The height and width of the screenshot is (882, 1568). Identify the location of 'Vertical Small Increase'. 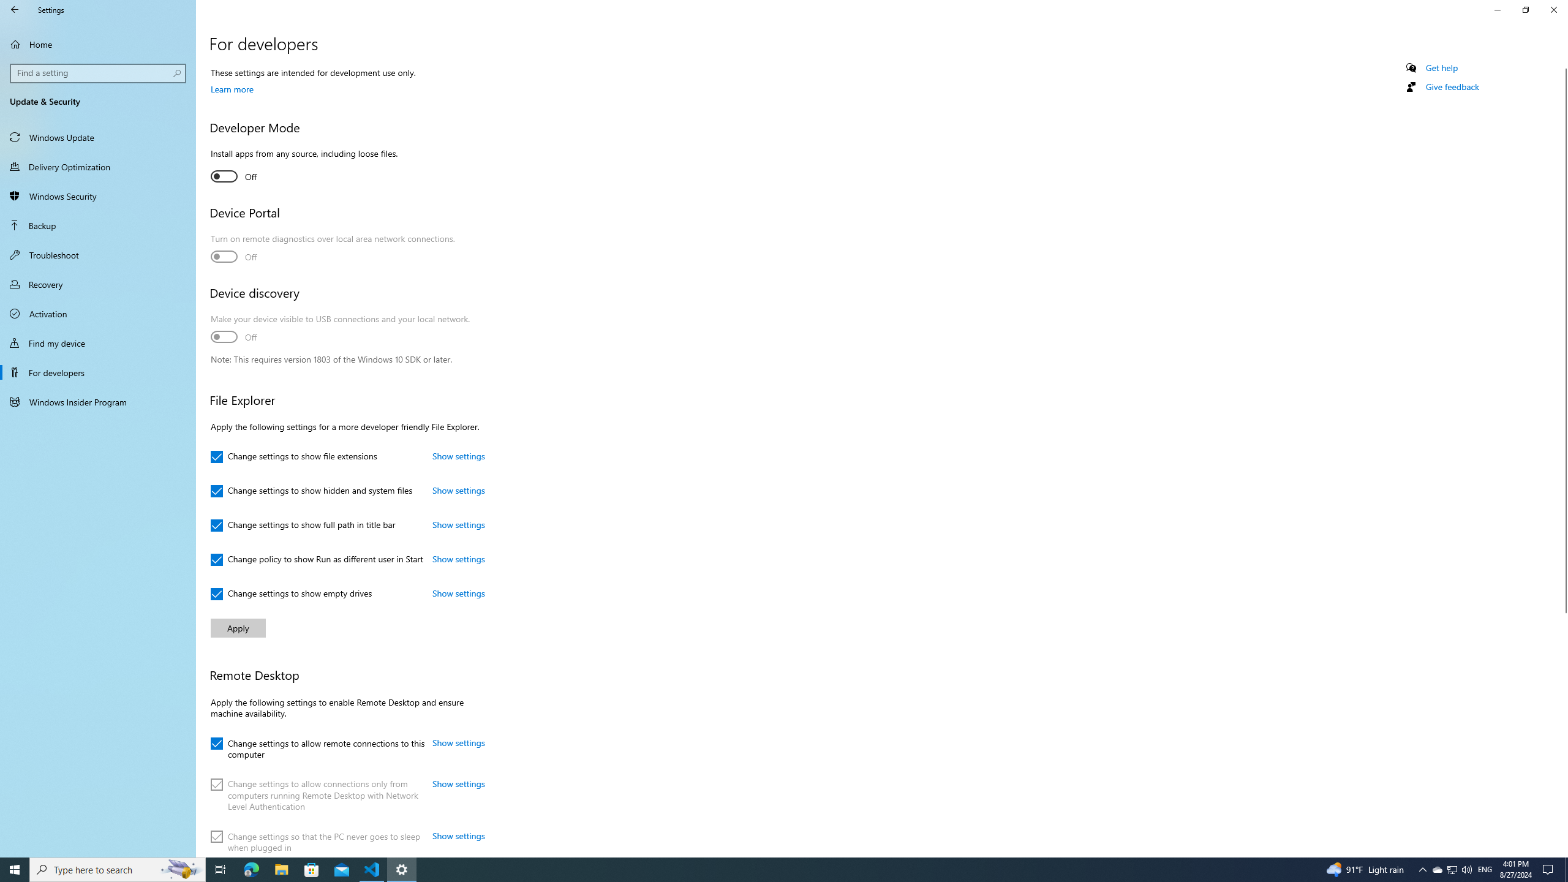
(1562, 851).